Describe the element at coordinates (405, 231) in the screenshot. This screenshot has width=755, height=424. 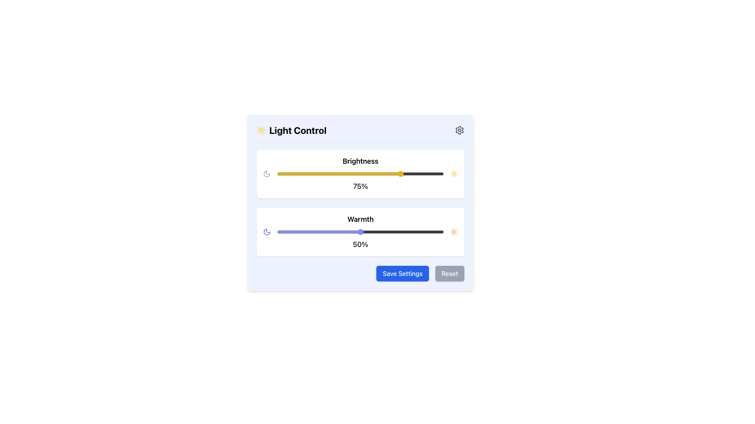
I see `warmth` at that location.